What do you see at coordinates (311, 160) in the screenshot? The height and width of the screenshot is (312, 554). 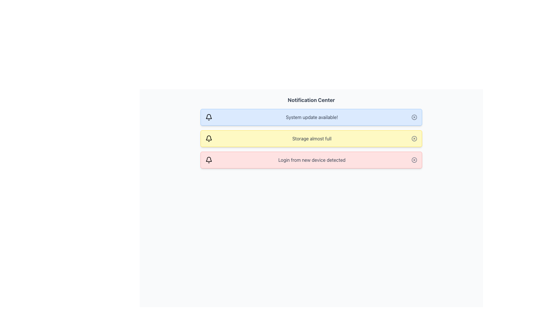 I see `status message from the text label indicating a login from a new device, which is the third message in the Notification Center interface` at bounding box center [311, 160].